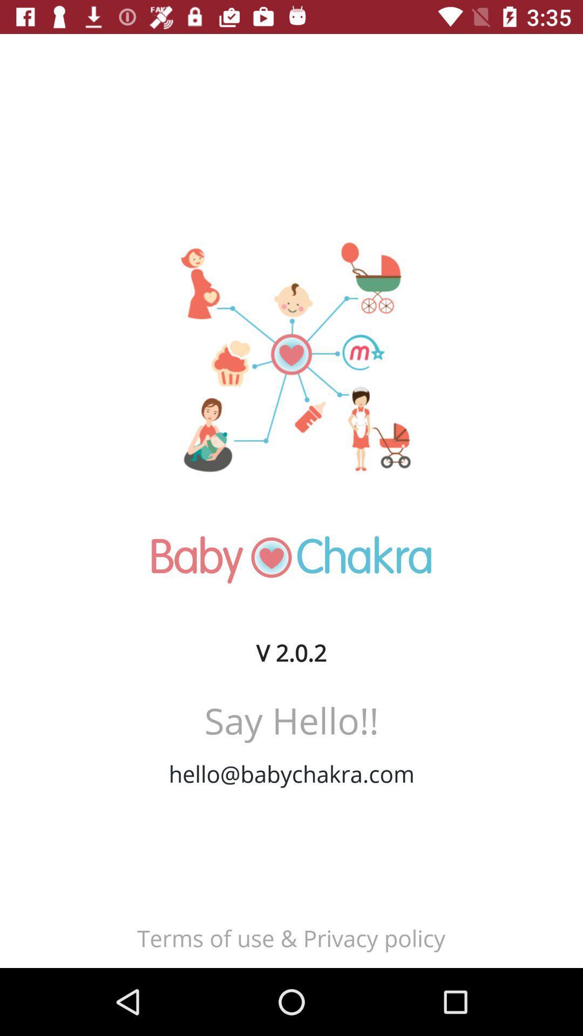  Describe the element at coordinates (290, 937) in the screenshot. I see `the icon below the hello@babychakra.com` at that location.